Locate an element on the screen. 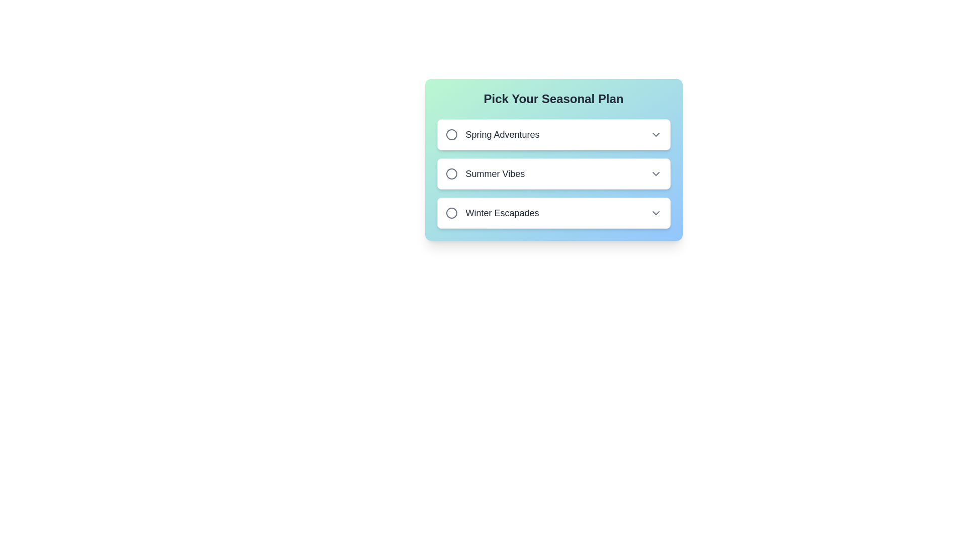 This screenshot has width=966, height=543. the interactive dropdown option selector labeled 'Spring Adventures' is located at coordinates (553, 134).